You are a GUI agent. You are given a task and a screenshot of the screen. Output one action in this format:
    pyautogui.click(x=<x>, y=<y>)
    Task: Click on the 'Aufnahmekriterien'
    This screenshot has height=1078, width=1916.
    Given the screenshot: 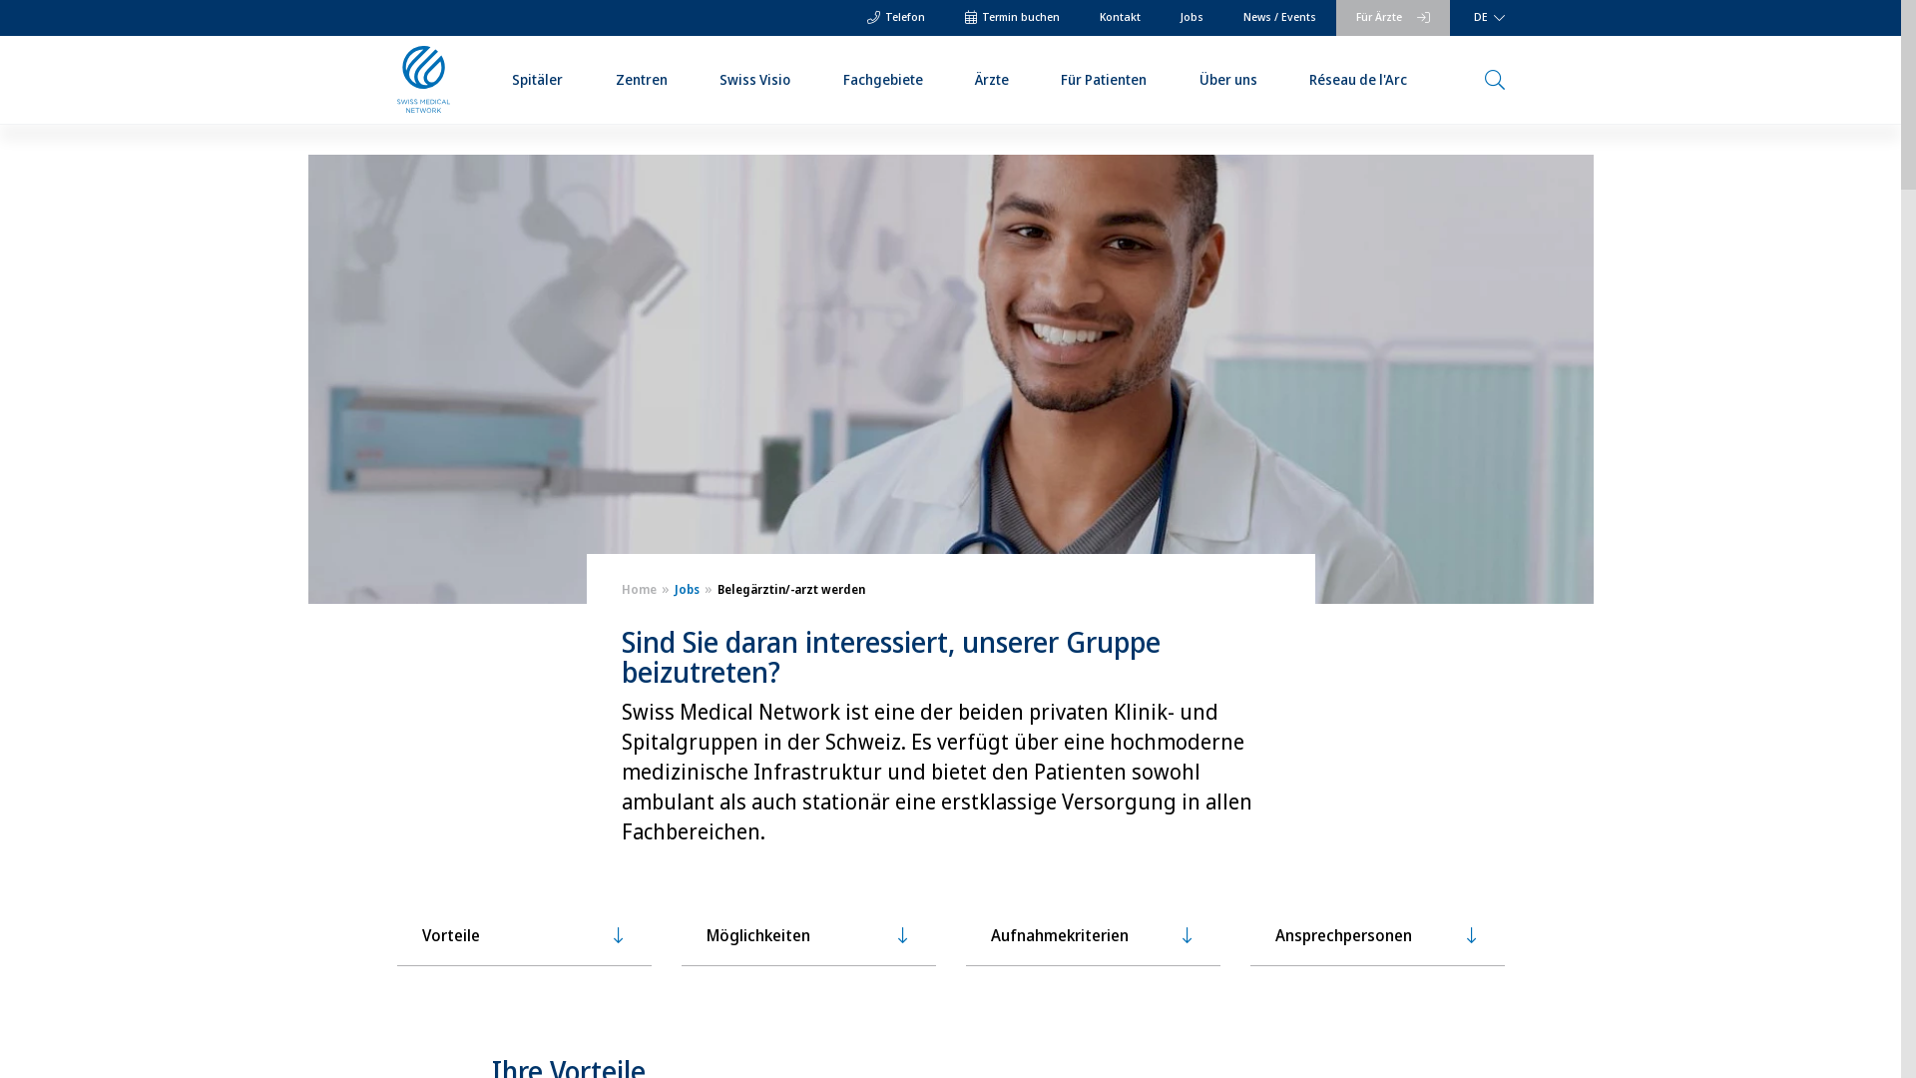 What is the action you would take?
    pyautogui.click(x=1092, y=935)
    